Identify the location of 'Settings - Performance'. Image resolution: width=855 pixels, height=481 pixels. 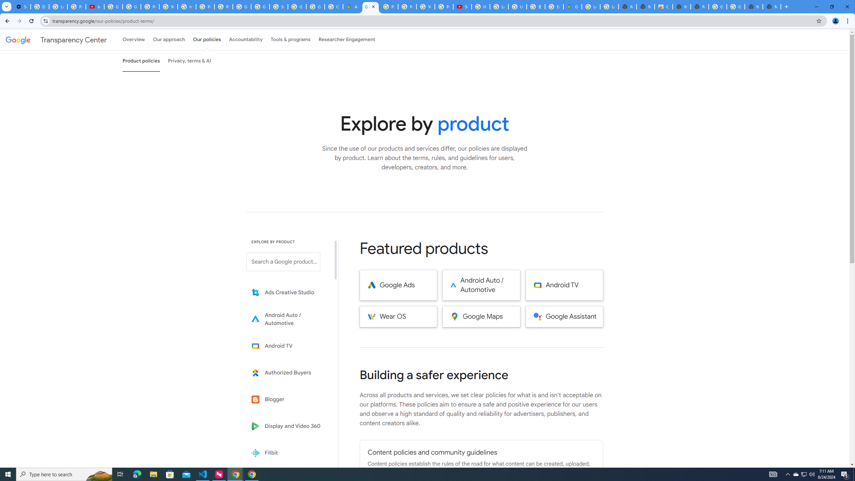
(21, 6).